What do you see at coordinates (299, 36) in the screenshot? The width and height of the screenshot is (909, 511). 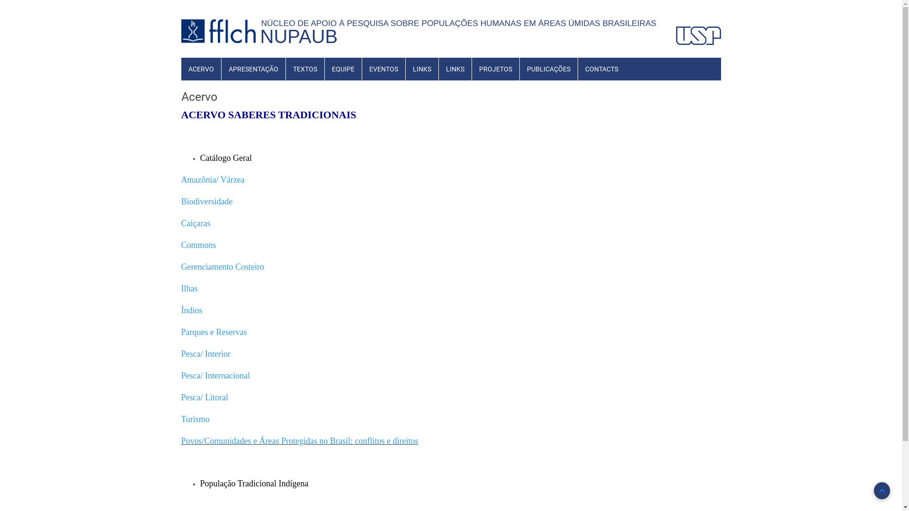 I see `'NUPAUB'` at bounding box center [299, 36].